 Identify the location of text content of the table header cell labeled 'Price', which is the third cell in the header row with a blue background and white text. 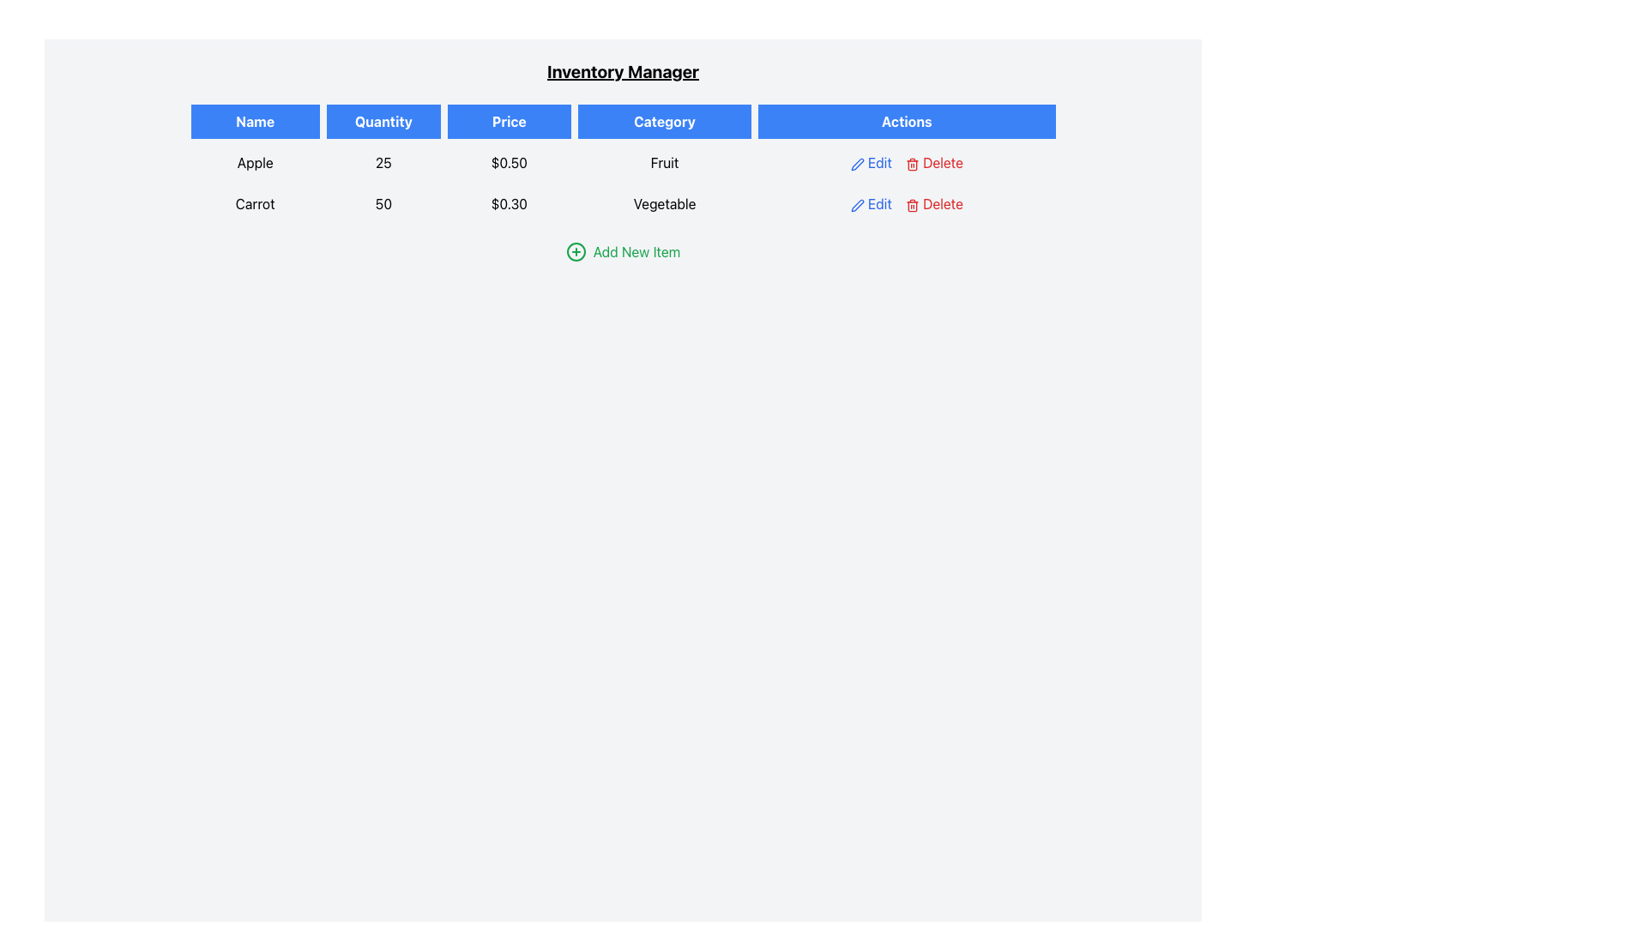
(508, 121).